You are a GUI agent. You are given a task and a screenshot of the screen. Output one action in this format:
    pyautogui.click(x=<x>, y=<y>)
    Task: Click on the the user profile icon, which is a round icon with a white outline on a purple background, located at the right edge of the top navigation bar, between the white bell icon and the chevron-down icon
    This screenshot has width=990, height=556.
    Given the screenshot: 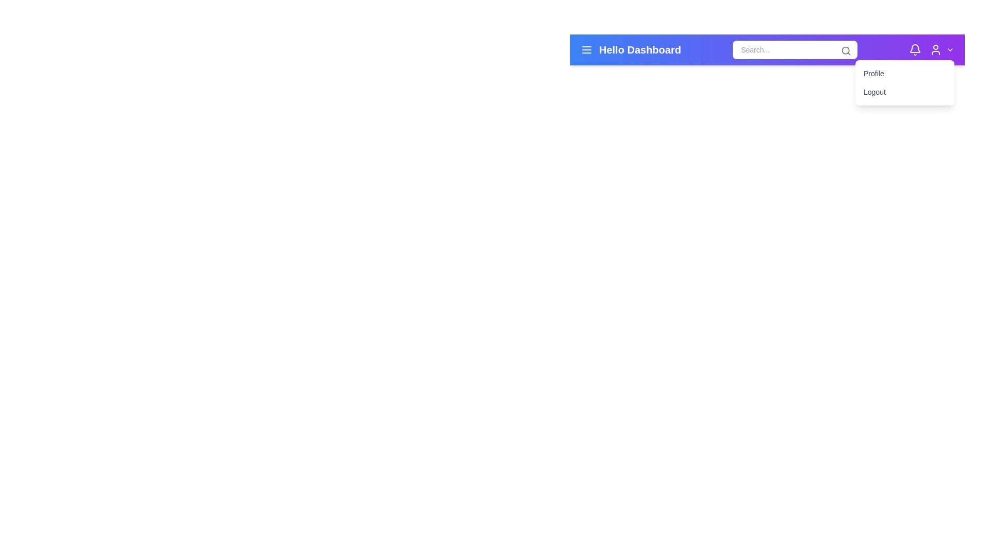 What is the action you would take?
    pyautogui.click(x=931, y=49)
    